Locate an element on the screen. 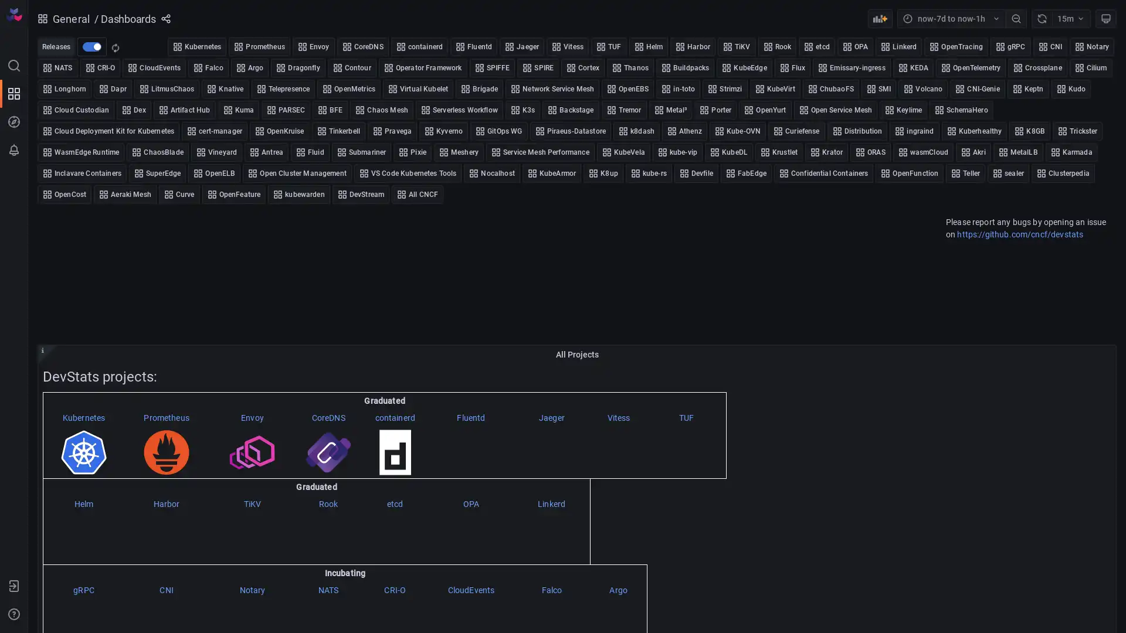  Time range picker with current time range now-7d to now-1h selected is located at coordinates (951, 18).